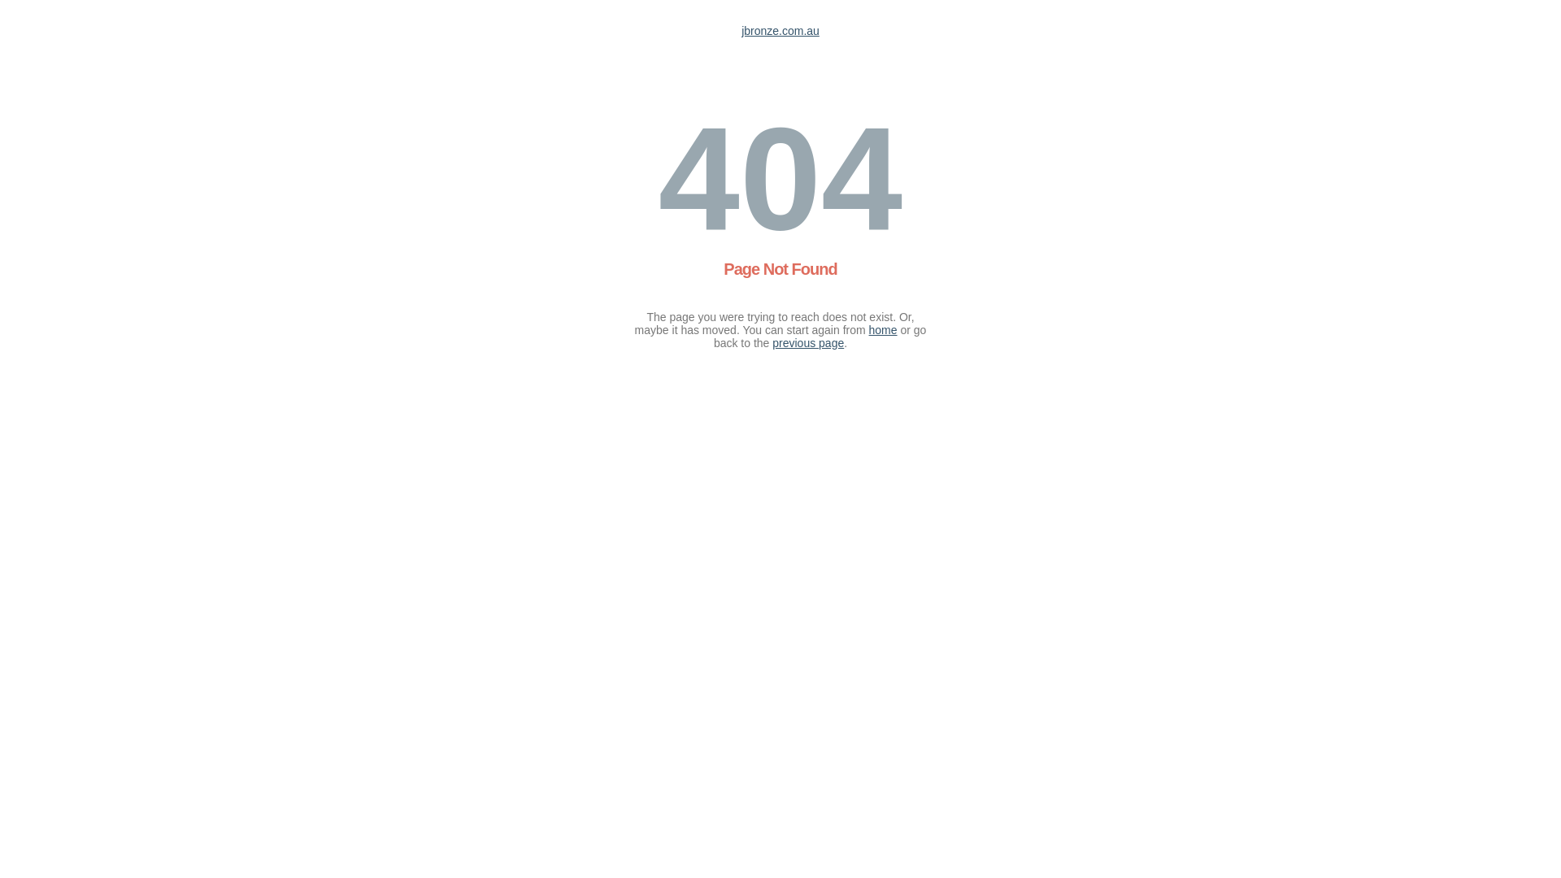  What do you see at coordinates (882, 329) in the screenshot?
I see `'home'` at bounding box center [882, 329].